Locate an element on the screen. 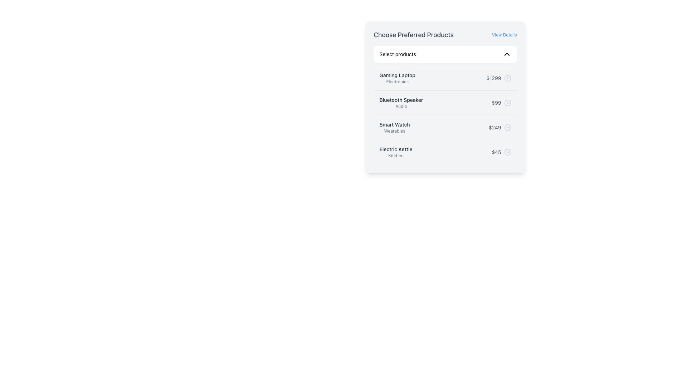 The height and width of the screenshot is (386, 687). the Textual Display element containing the prominently styled text 'Bluetooth Speaker' and the smaller 'Audio' text, which is the second item under the 'Choose Preferred Products' panel is located at coordinates (401, 103).